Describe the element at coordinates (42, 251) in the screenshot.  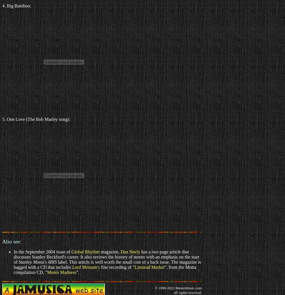
I see `'In the September 
			2004 issue of'` at that location.